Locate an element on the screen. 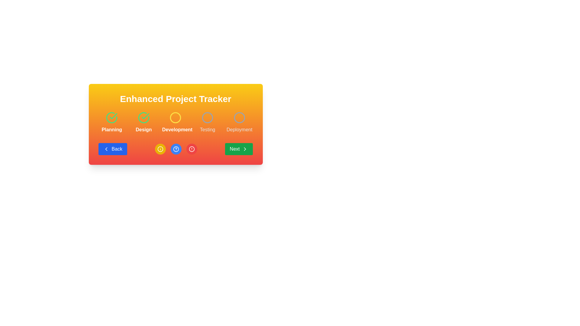 Image resolution: width=580 pixels, height=326 pixels. the 'Development' process stage icon-text pair to interact with it is located at coordinates (175, 122).